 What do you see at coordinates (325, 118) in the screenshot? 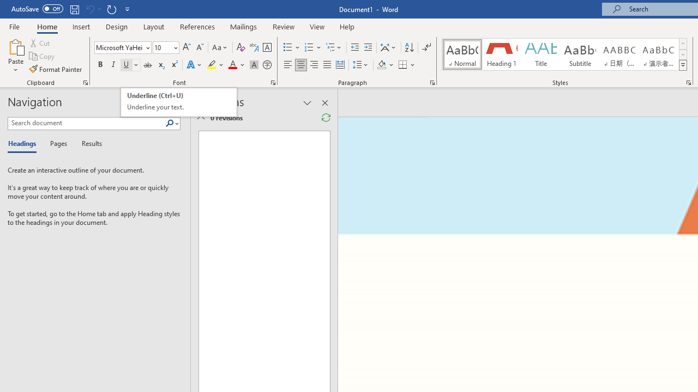
I see `'Refresh Reviewing Pane'` at bounding box center [325, 118].